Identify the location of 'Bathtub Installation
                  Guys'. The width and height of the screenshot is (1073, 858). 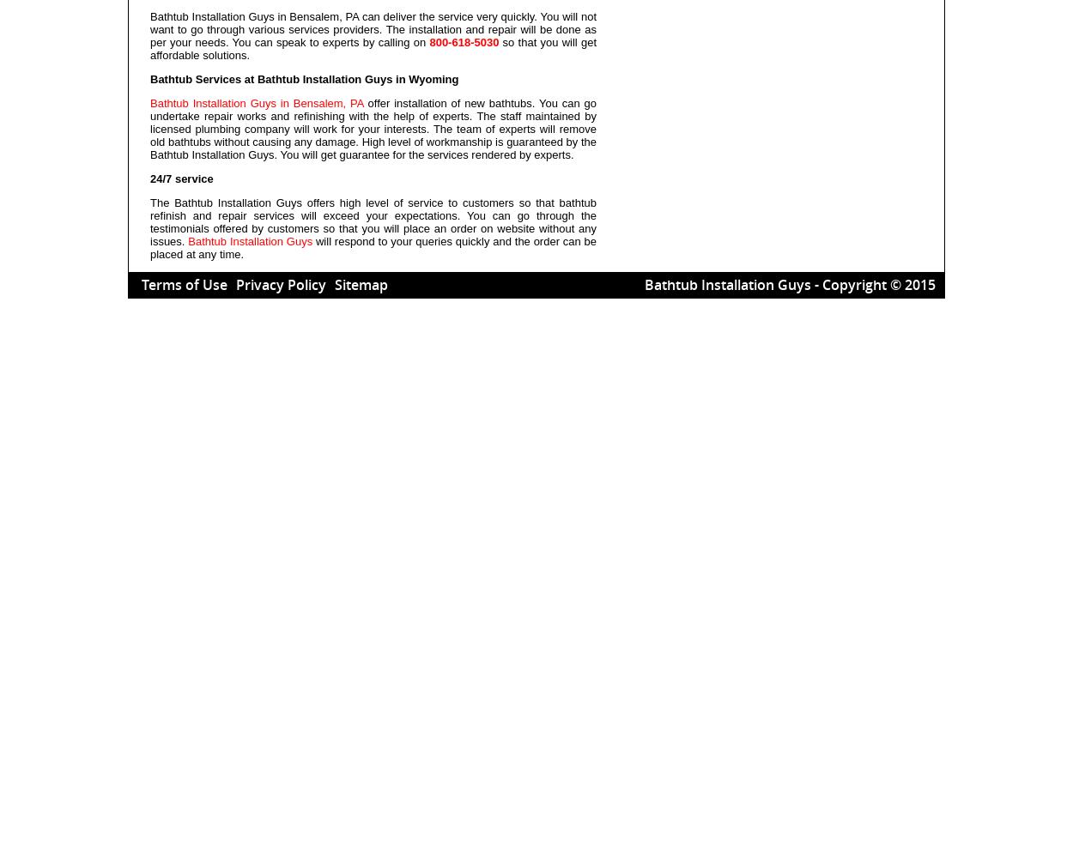
(250, 241).